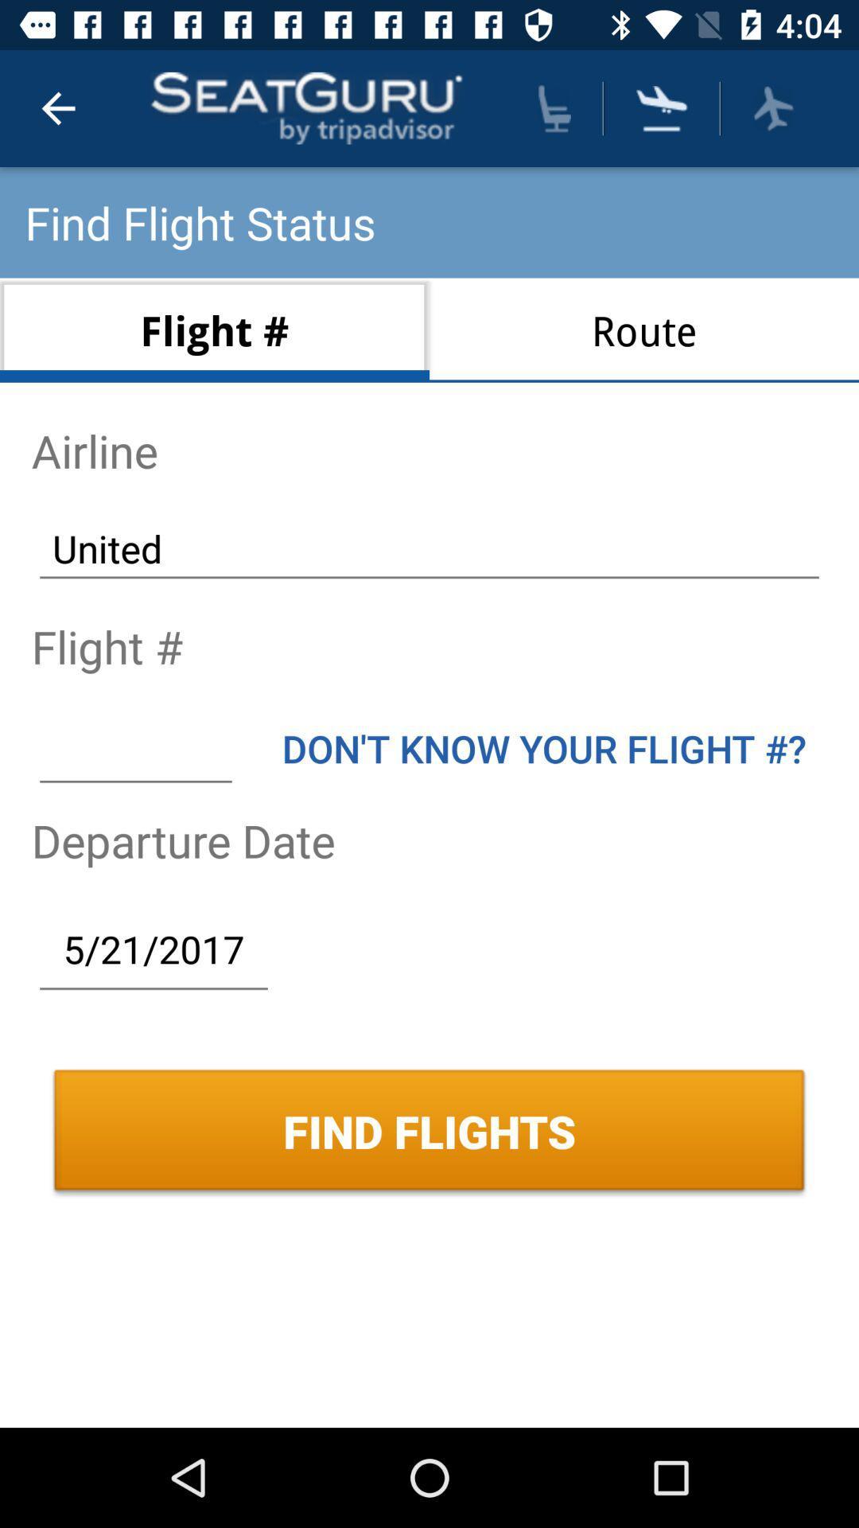 This screenshot has height=1528, width=859. What do you see at coordinates (644, 329) in the screenshot?
I see `icon above the united item` at bounding box center [644, 329].